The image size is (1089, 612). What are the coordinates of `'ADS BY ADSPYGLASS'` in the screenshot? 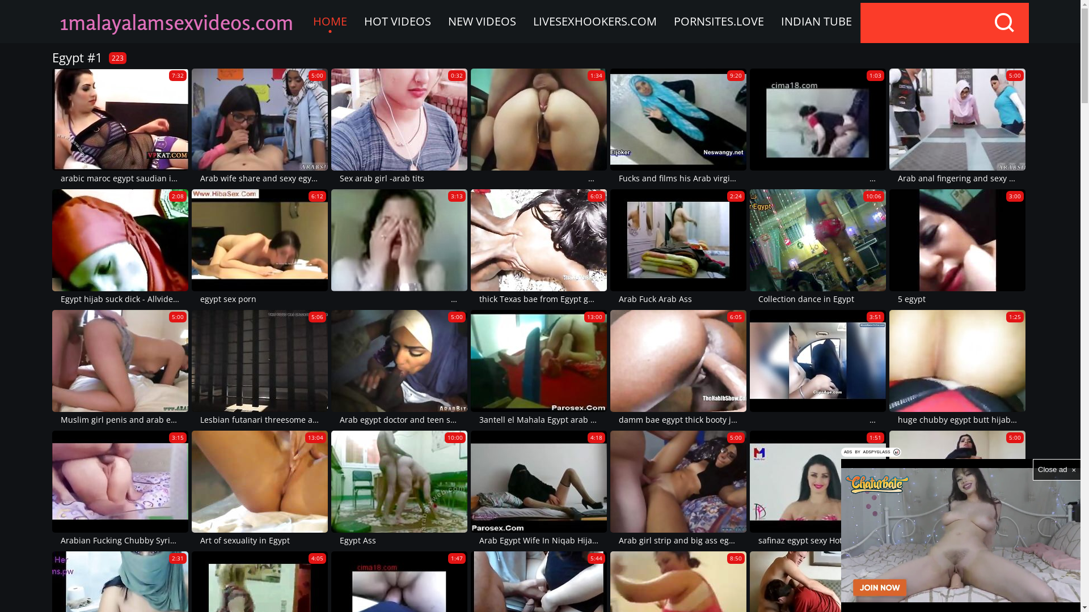 It's located at (871, 452).